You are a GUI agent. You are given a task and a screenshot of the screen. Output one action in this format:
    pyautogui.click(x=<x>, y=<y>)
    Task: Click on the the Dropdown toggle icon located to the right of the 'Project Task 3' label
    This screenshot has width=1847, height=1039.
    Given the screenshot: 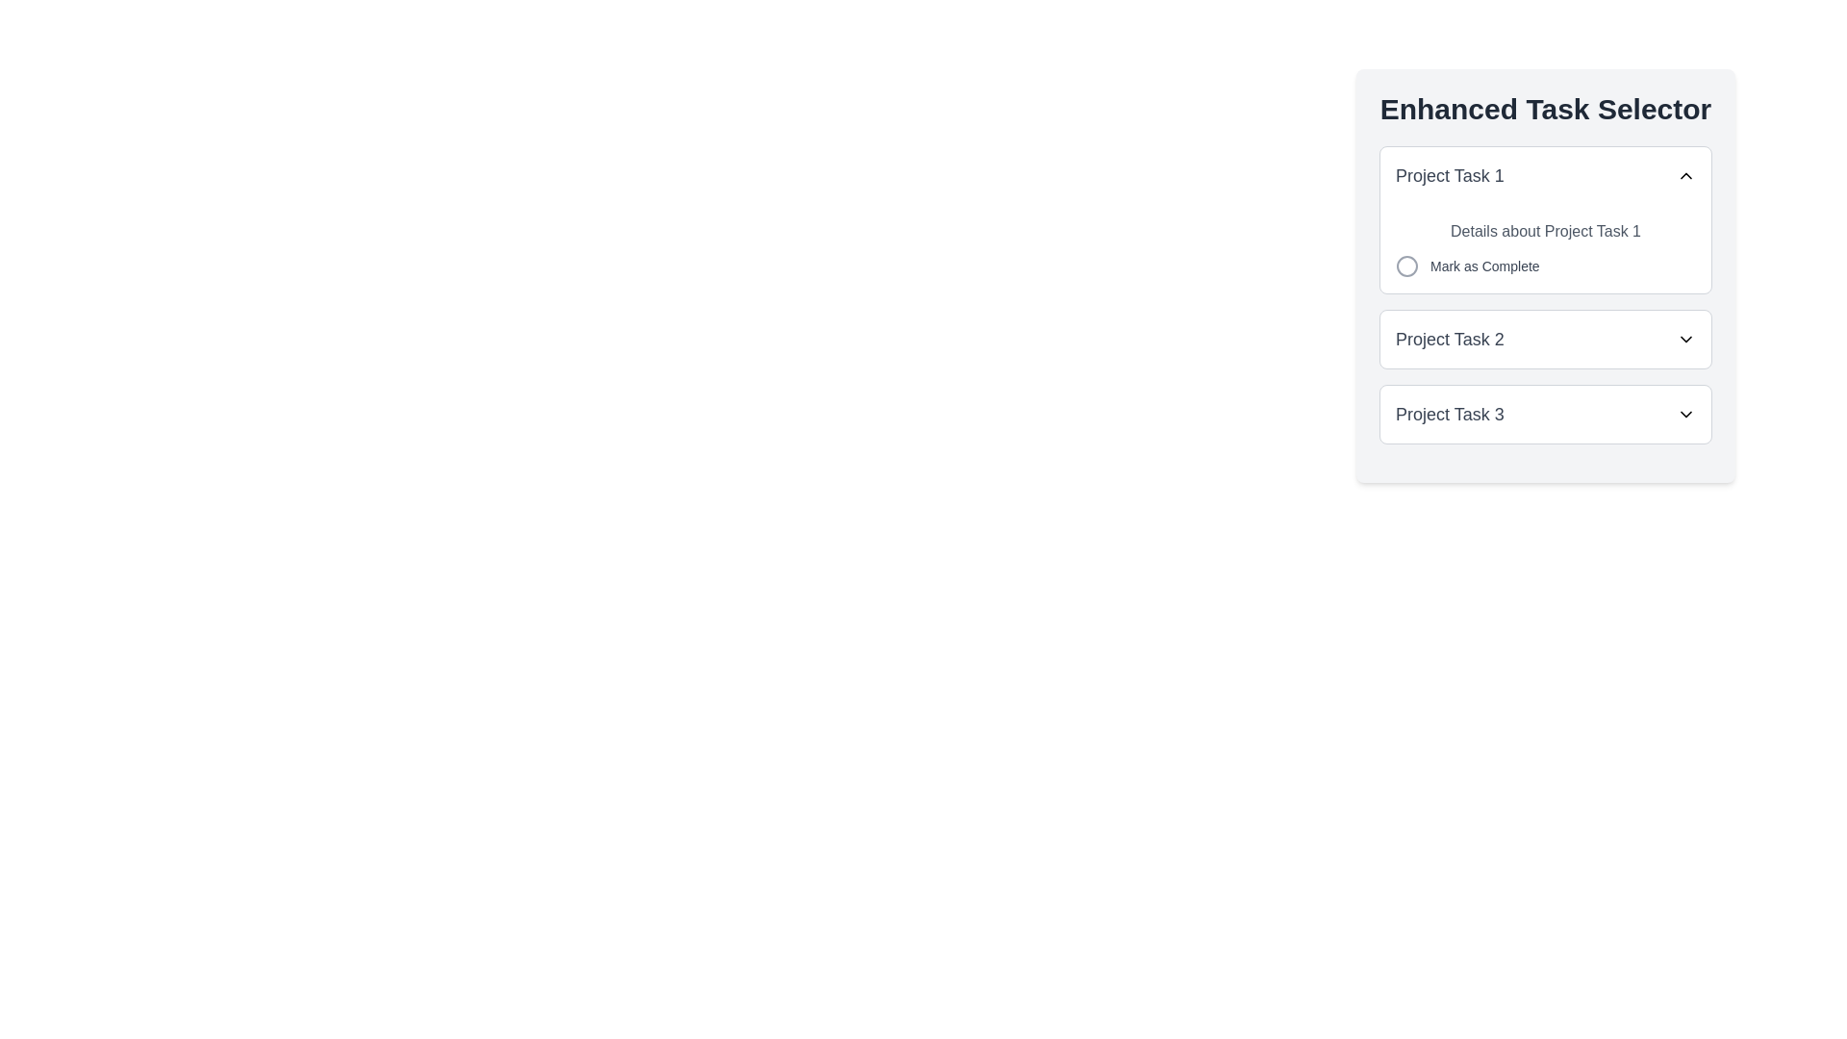 What is the action you would take?
    pyautogui.click(x=1684, y=414)
    